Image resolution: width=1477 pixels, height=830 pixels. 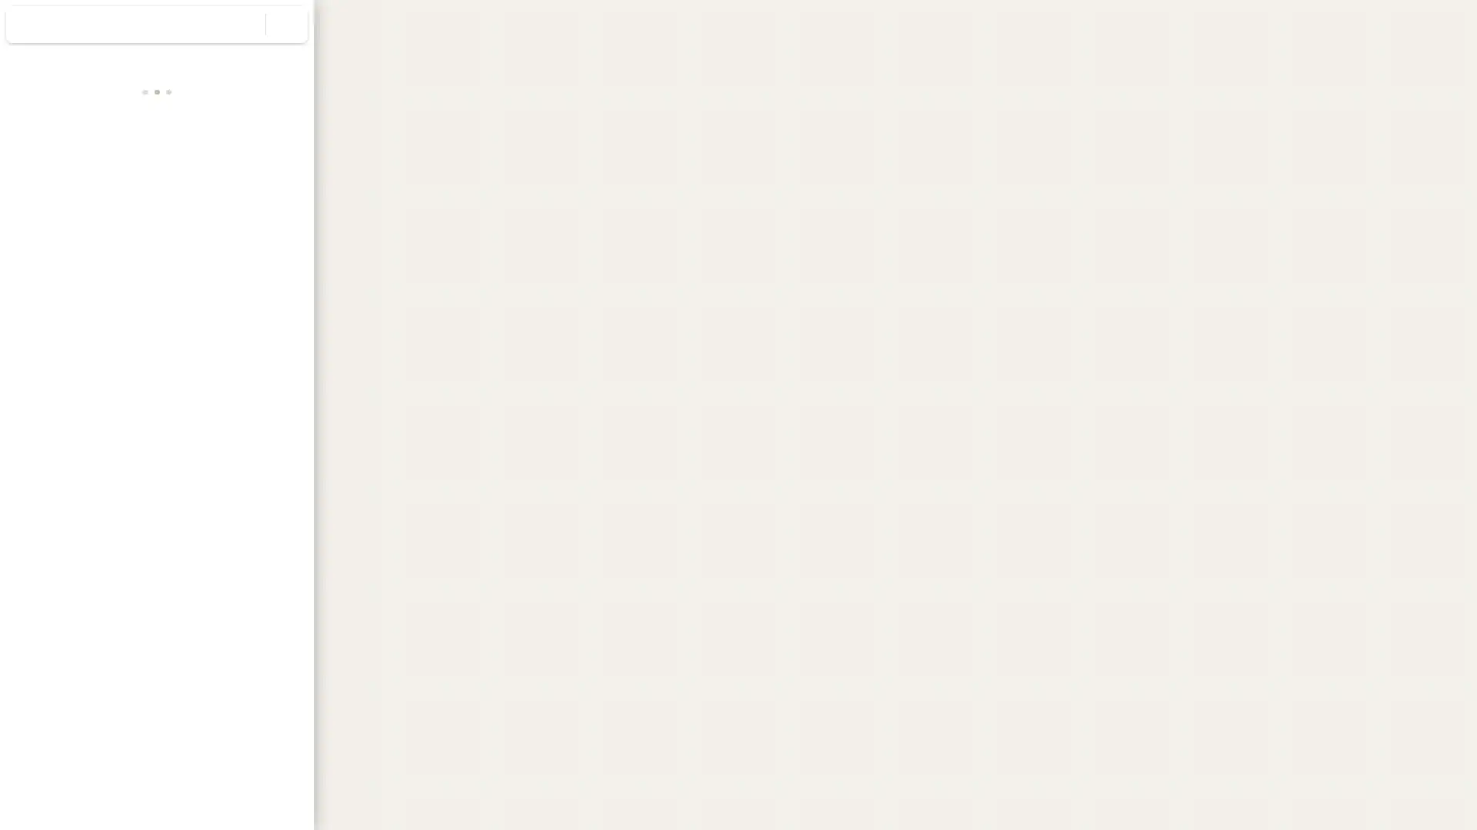 What do you see at coordinates (27, 26) in the screenshot?
I see `Menu` at bounding box center [27, 26].